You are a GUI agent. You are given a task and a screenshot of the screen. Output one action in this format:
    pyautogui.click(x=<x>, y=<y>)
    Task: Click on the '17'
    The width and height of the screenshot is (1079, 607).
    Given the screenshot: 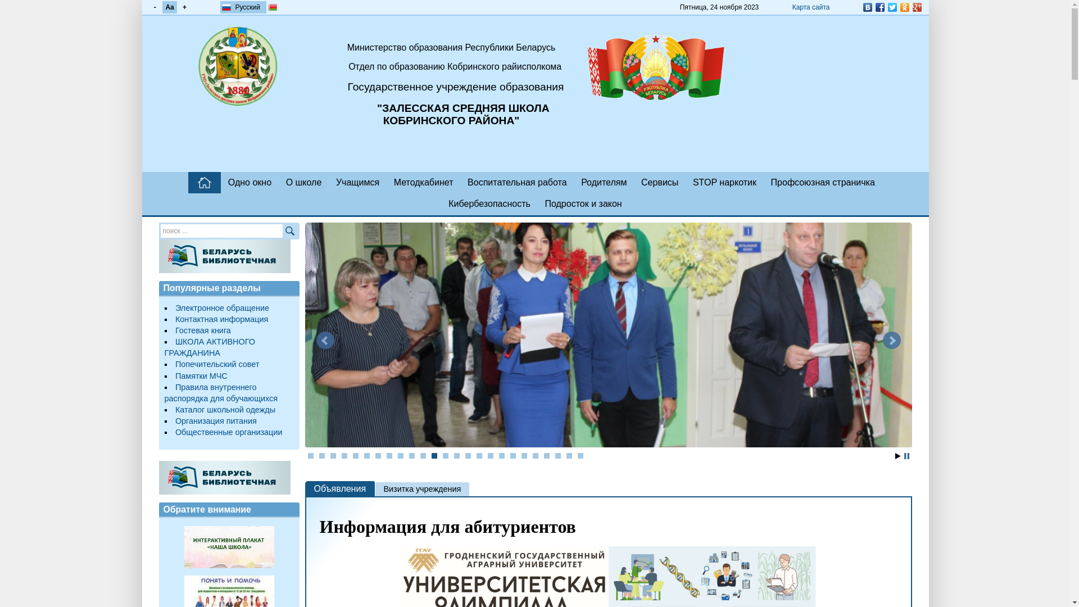 What is the action you would take?
    pyautogui.click(x=491, y=455)
    